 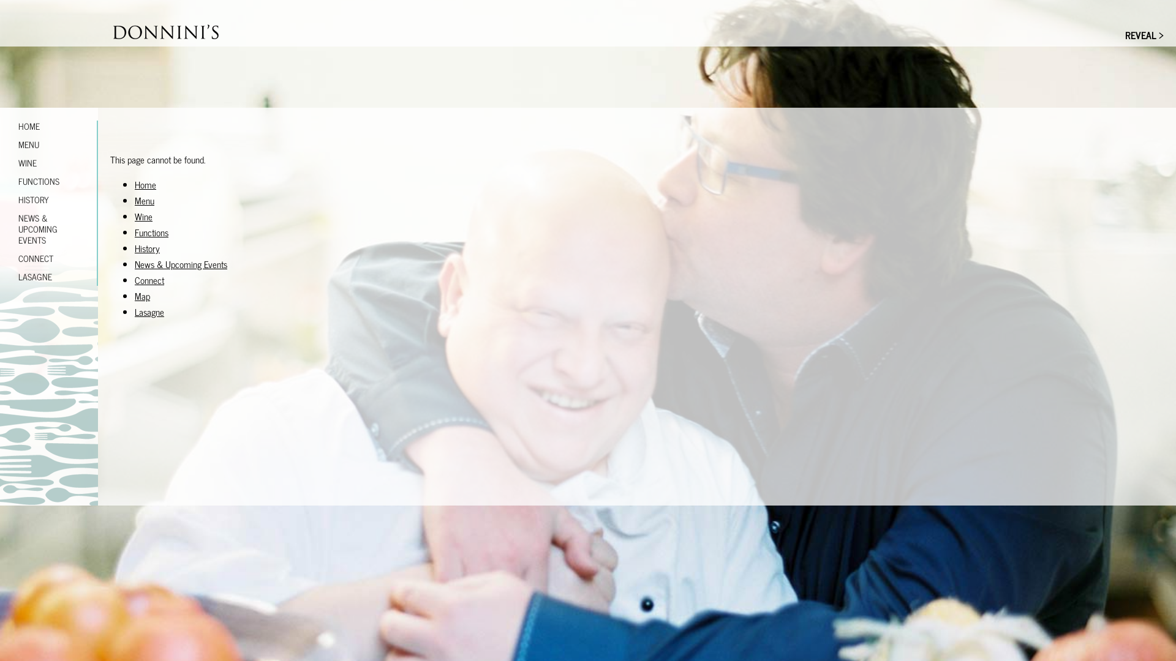 What do you see at coordinates (0, 143) in the screenshot?
I see `'MENU'` at bounding box center [0, 143].